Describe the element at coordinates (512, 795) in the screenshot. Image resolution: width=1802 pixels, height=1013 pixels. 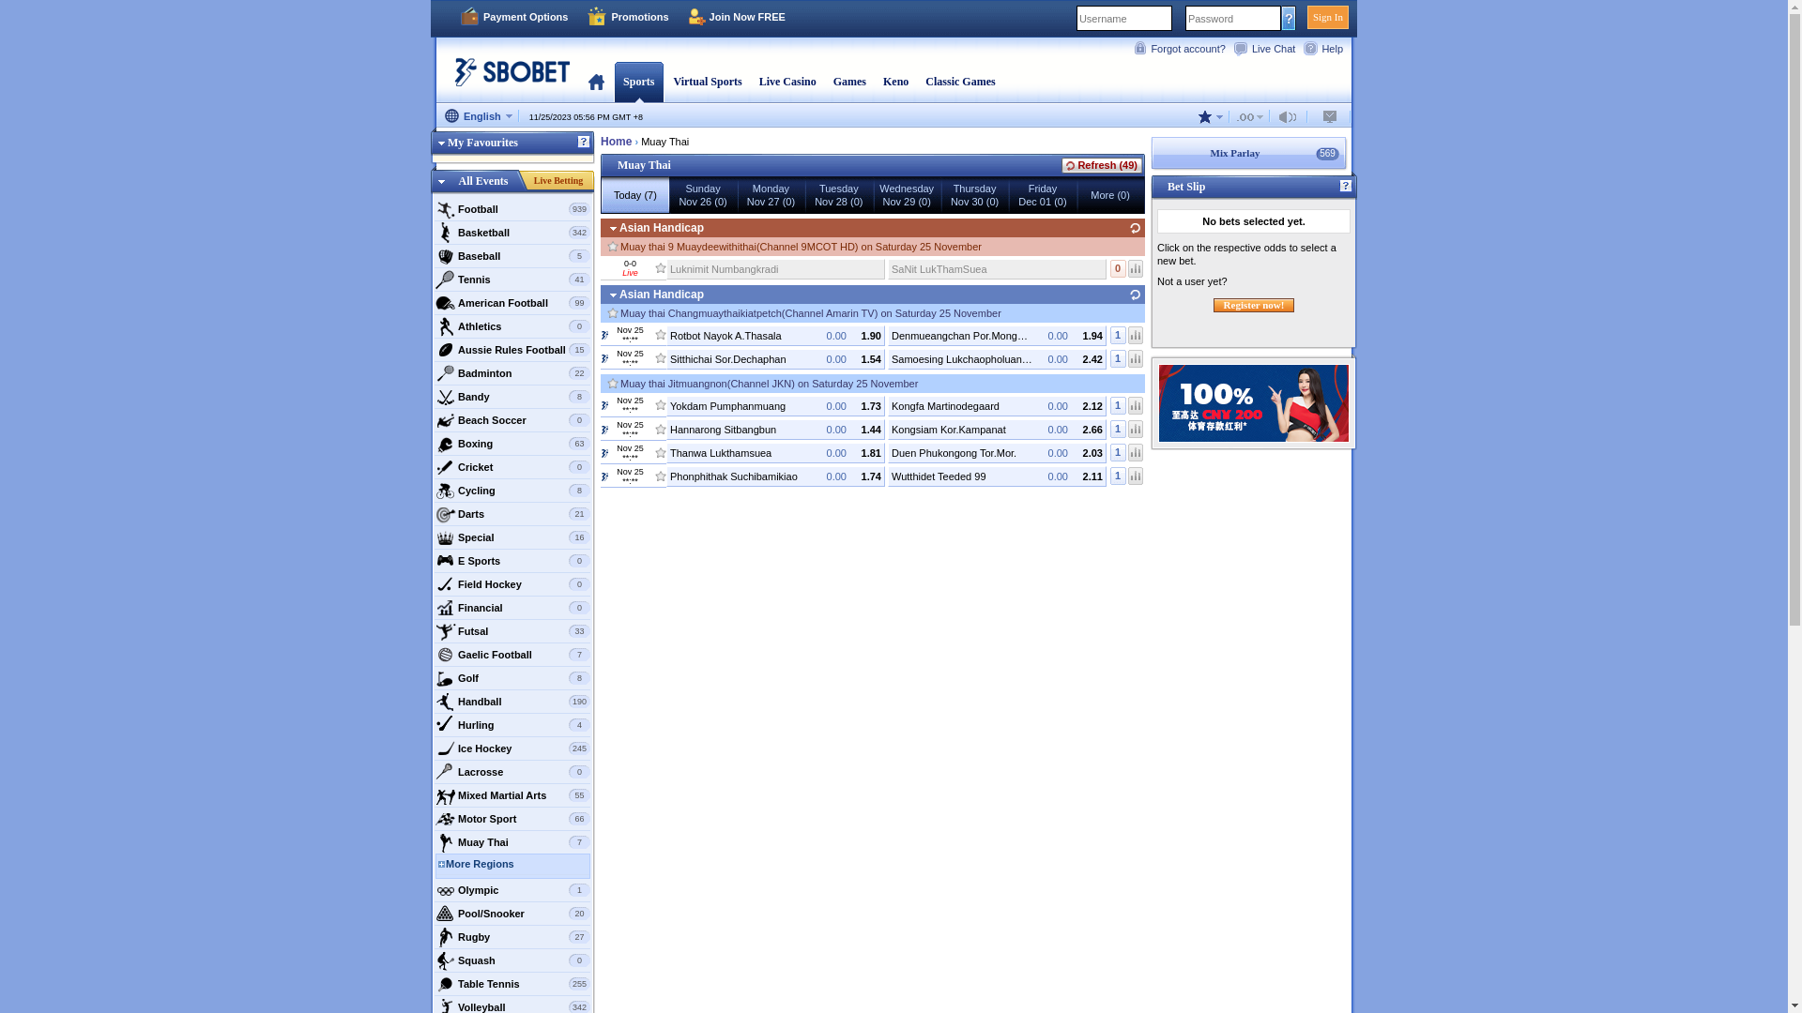
I see `'Mixed Martial Arts` at that location.